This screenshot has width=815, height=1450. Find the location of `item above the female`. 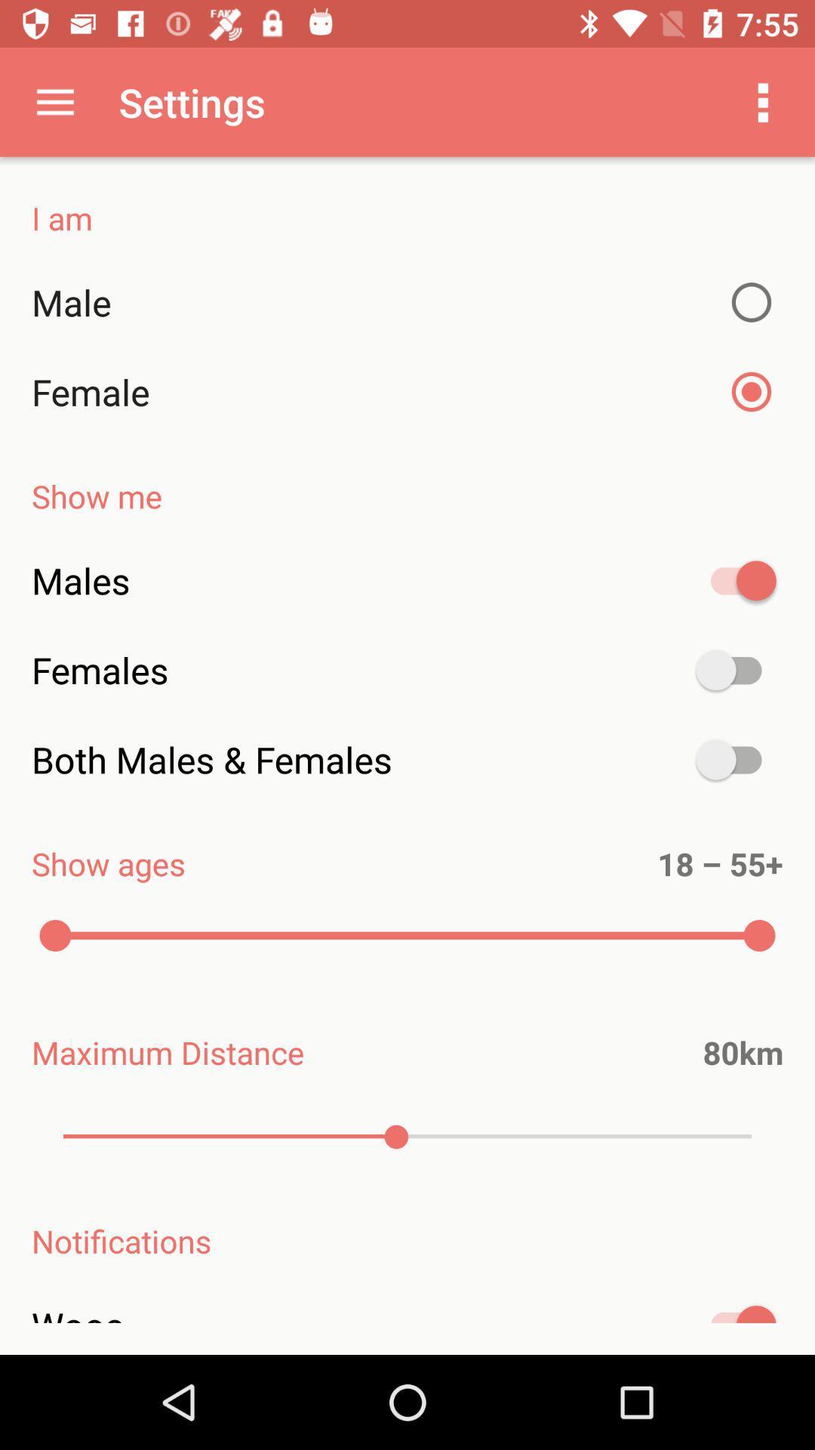

item above the female is located at coordinates (407, 302).